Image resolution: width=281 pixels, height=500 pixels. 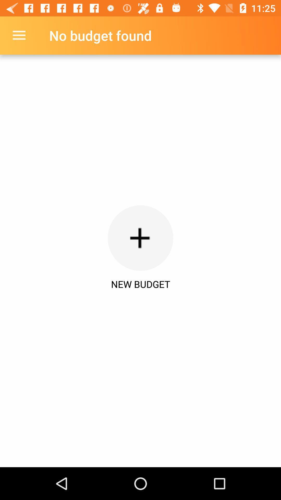 What do you see at coordinates (140, 238) in the screenshot?
I see `a budget` at bounding box center [140, 238].